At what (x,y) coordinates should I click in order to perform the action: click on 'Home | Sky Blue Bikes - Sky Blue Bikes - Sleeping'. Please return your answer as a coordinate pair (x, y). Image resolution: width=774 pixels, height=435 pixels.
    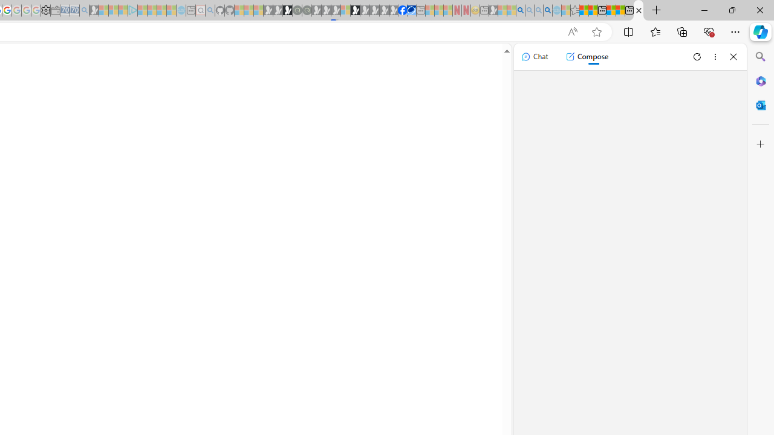
    Looking at the image, I should click on (180, 10).